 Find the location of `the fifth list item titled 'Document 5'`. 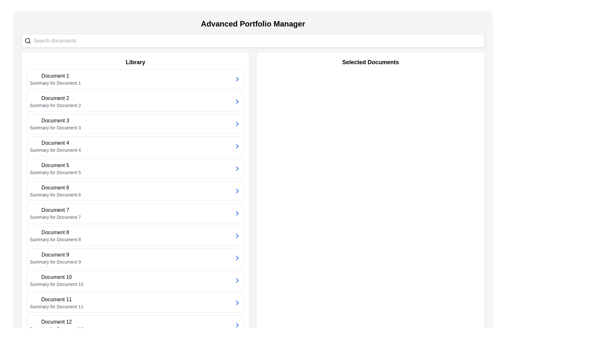

the fifth list item titled 'Document 5' is located at coordinates (55, 168).